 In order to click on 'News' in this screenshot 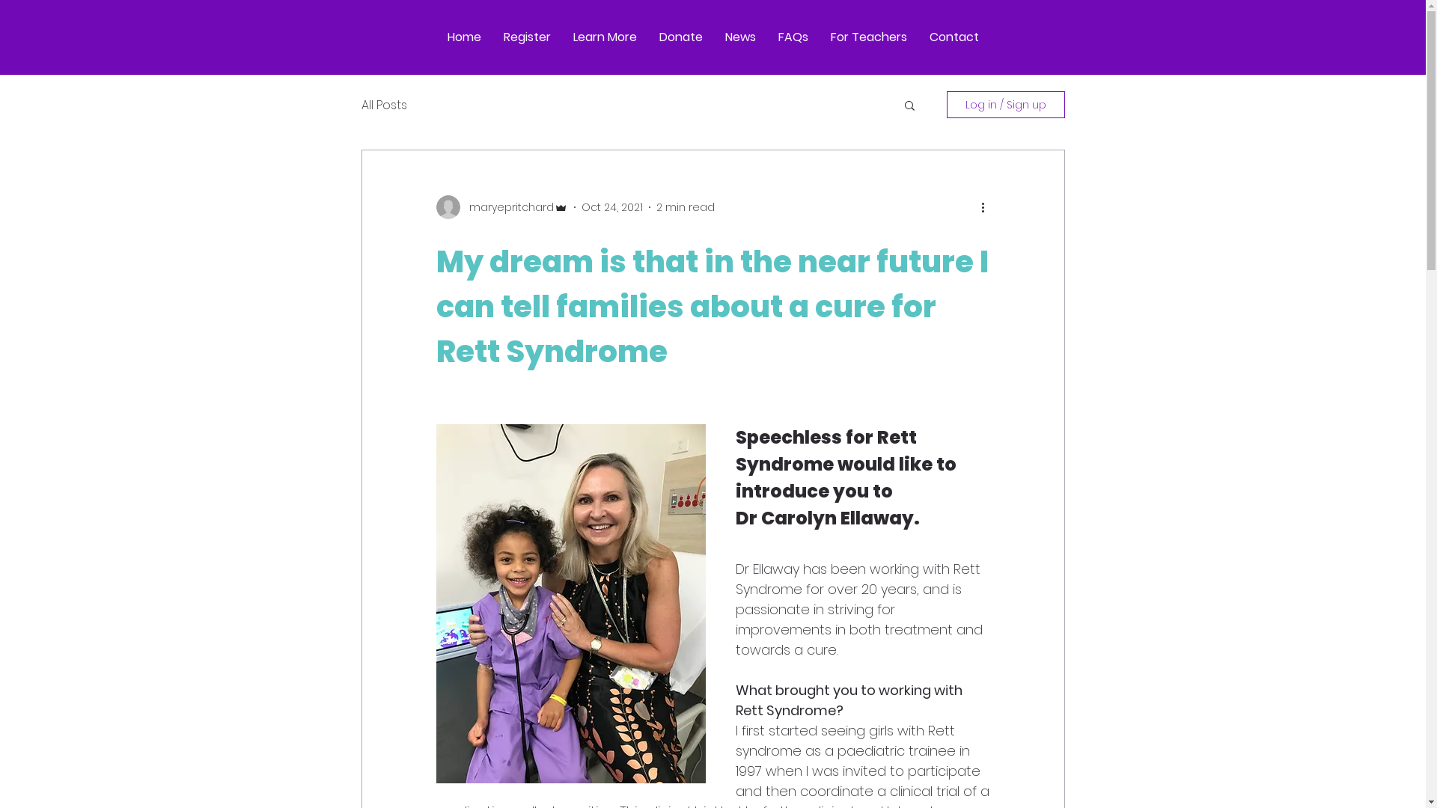, I will do `click(713, 37)`.